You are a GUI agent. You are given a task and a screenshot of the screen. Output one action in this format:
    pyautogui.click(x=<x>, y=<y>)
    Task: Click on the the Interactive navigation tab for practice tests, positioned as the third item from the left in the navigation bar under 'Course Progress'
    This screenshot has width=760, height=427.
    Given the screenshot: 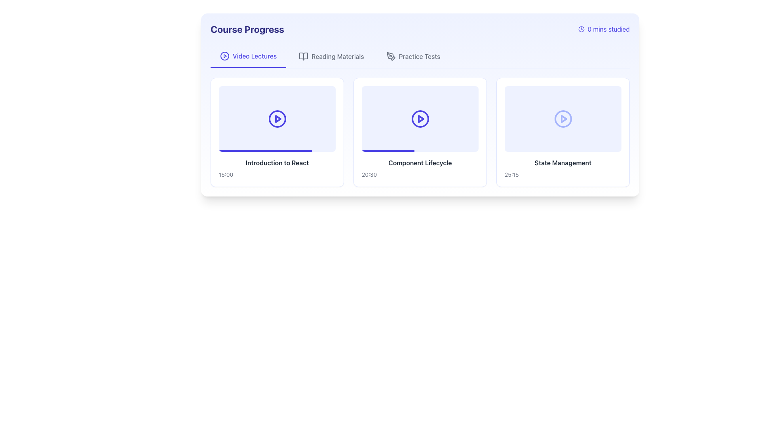 What is the action you would take?
    pyautogui.click(x=413, y=56)
    